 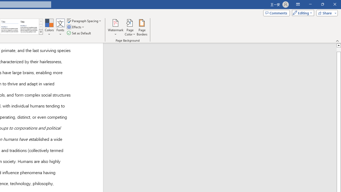 What do you see at coordinates (115, 27) in the screenshot?
I see `'Watermark'` at bounding box center [115, 27].